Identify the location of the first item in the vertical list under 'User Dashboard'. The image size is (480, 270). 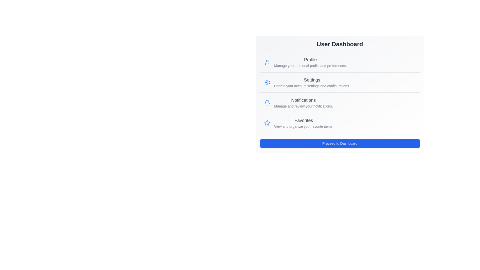
(340, 62).